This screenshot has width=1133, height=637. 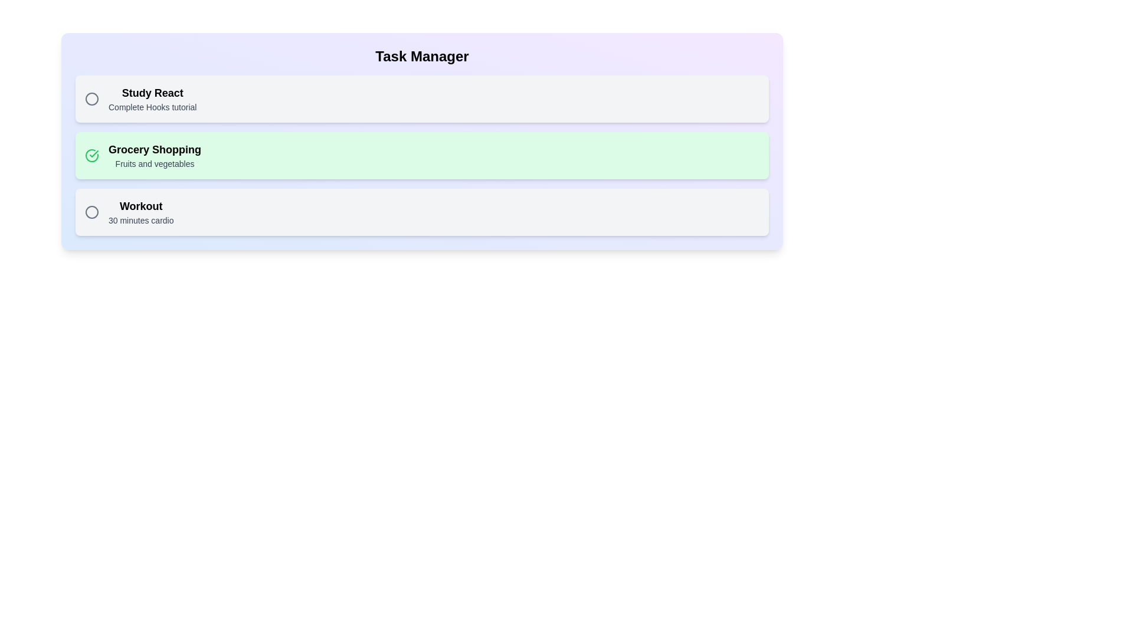 I want to click on the text label providing additional details about the 'Study React' task, located directly below the title, so click(x=152, y=107).